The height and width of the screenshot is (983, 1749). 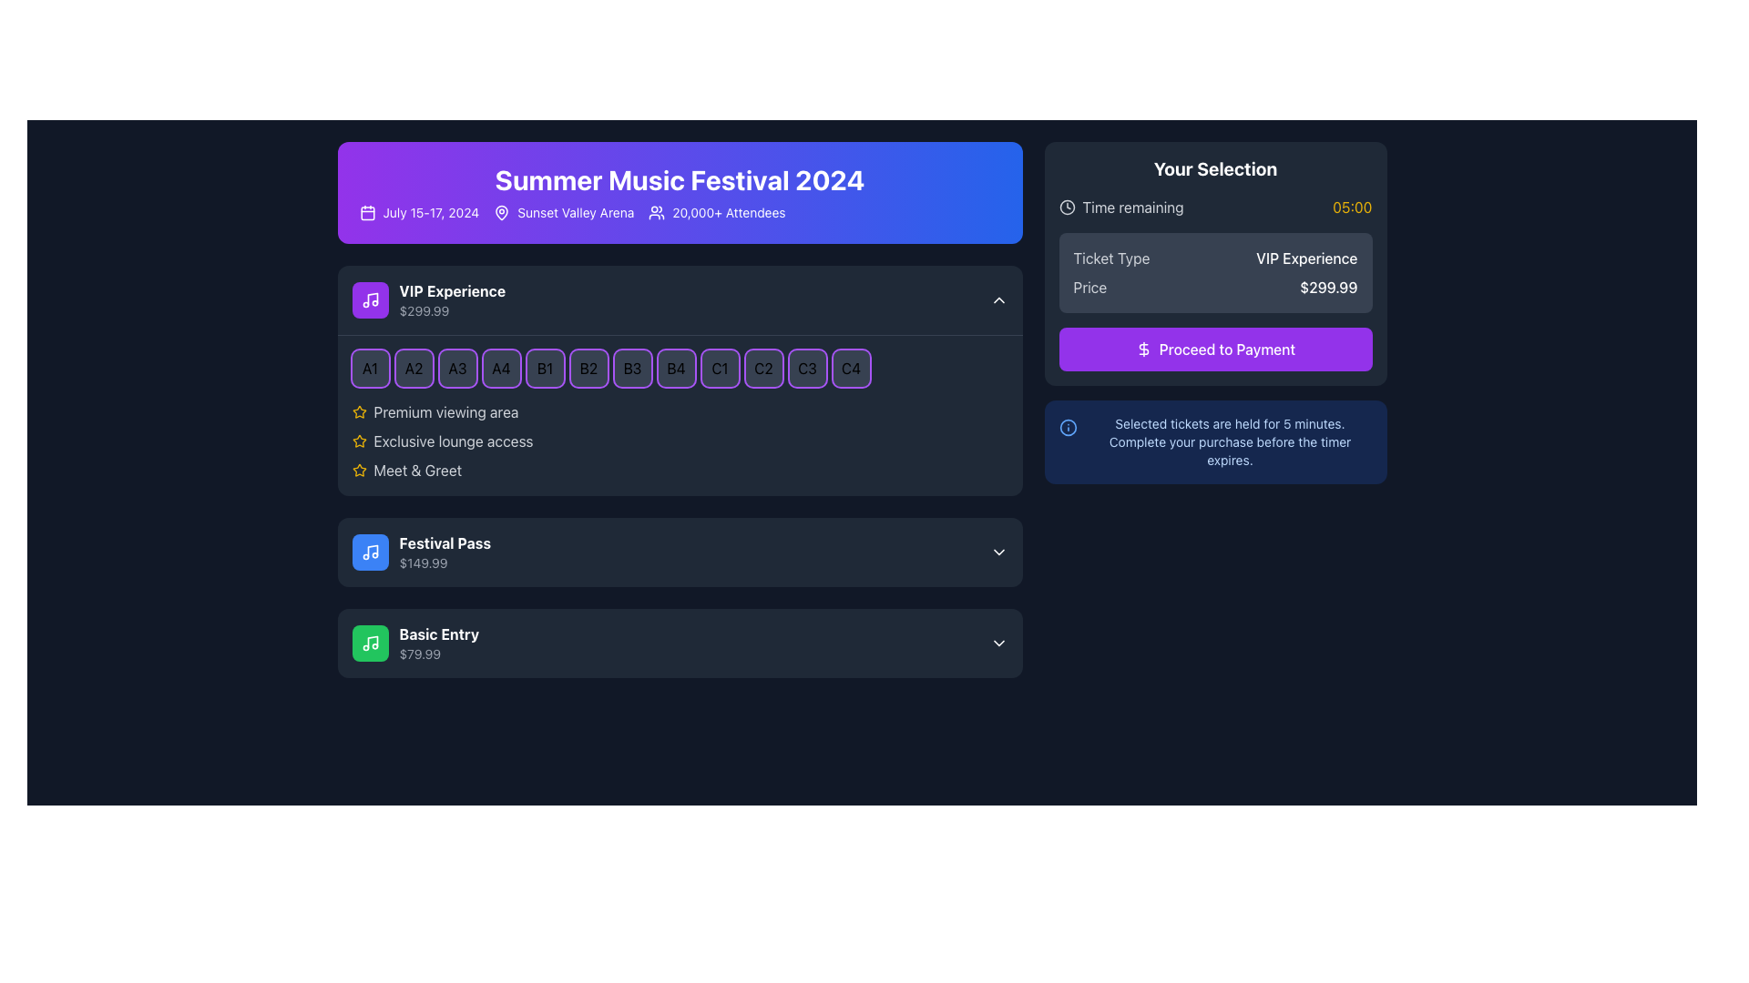 What do you see at coordinates (452, 290) in the screenshot?
I see `the 'VIP Experience' text label, which identifies the ticket option and is located in the upper-left section of the event ticket card` at bounding box center [452, 290].